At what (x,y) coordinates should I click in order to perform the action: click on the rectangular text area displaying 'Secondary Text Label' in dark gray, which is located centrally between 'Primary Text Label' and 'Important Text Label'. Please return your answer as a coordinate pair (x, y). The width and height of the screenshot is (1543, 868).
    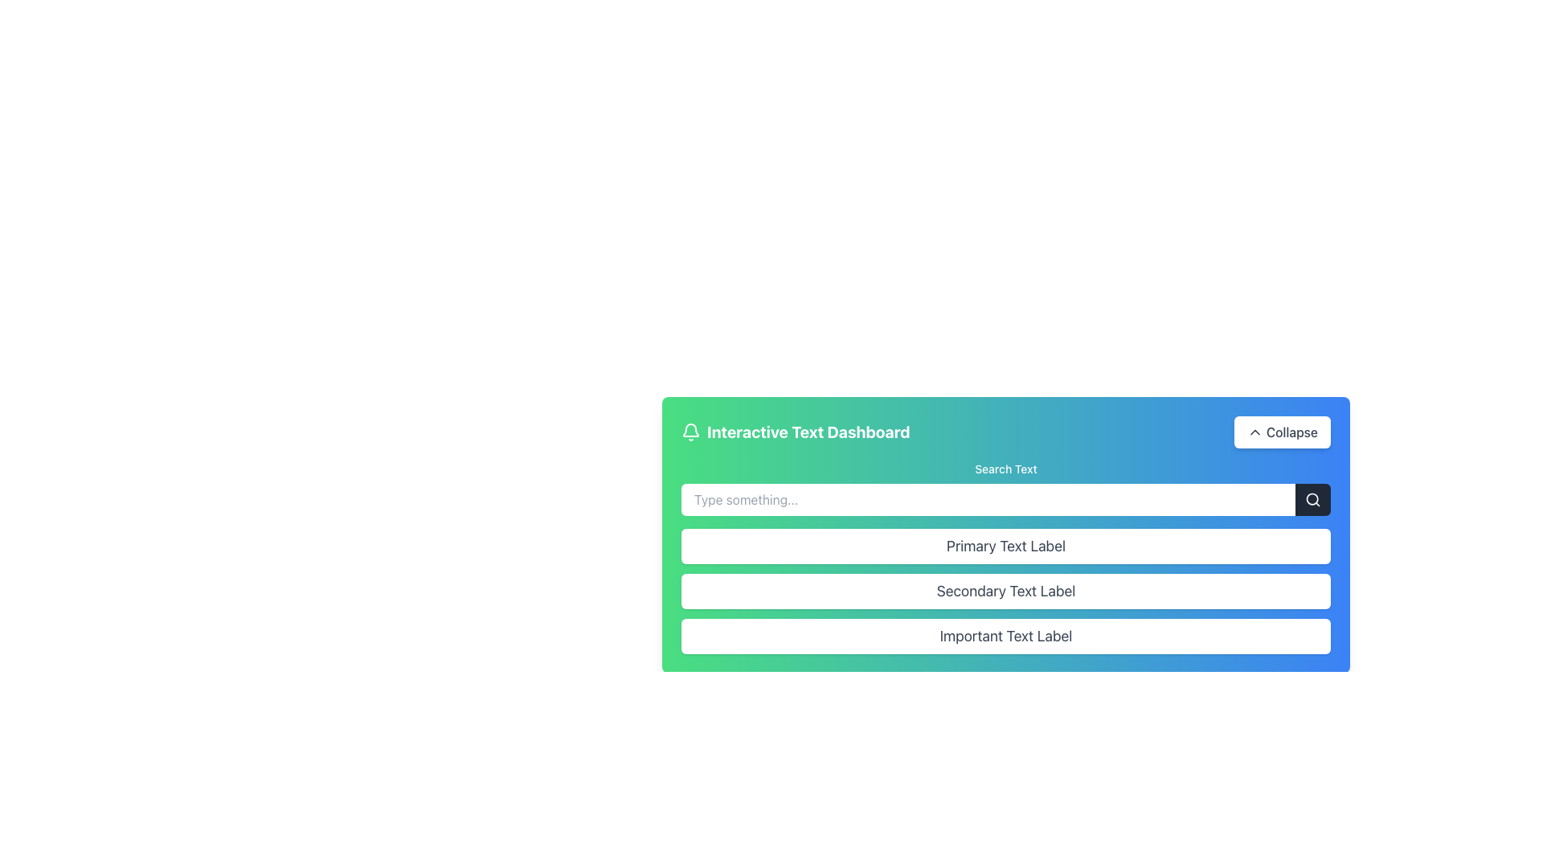
    Looking at the image, I should click on (1005, 592).